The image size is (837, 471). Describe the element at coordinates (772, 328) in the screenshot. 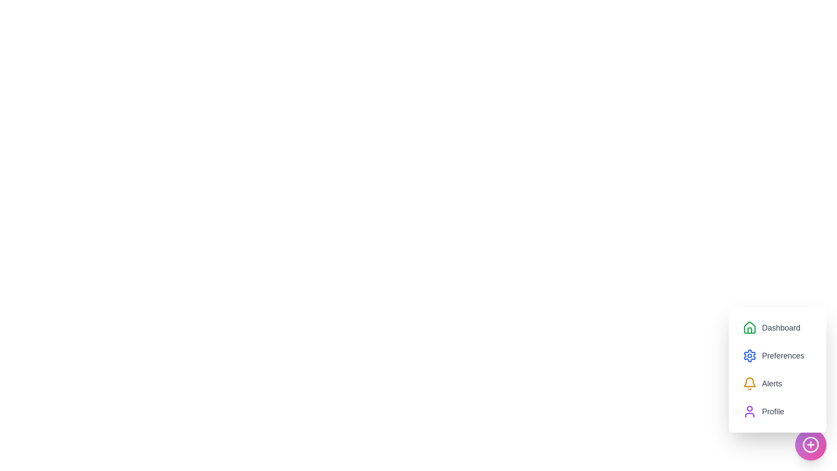

I see `the menu option Dashboard from the StyledSpeedDial menu` at that location.